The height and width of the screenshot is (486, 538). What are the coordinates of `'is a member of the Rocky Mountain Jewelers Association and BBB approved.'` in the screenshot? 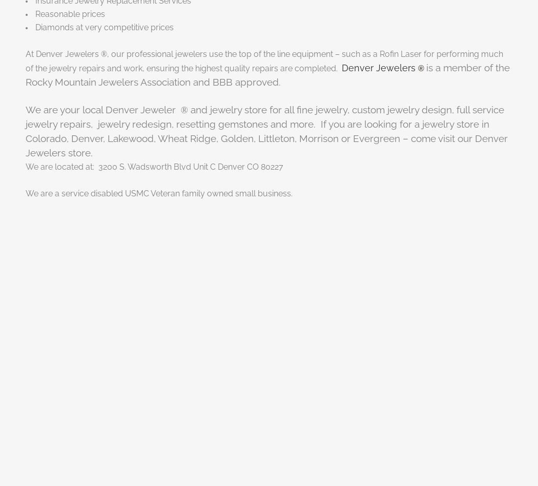 It's located at (266, 74).